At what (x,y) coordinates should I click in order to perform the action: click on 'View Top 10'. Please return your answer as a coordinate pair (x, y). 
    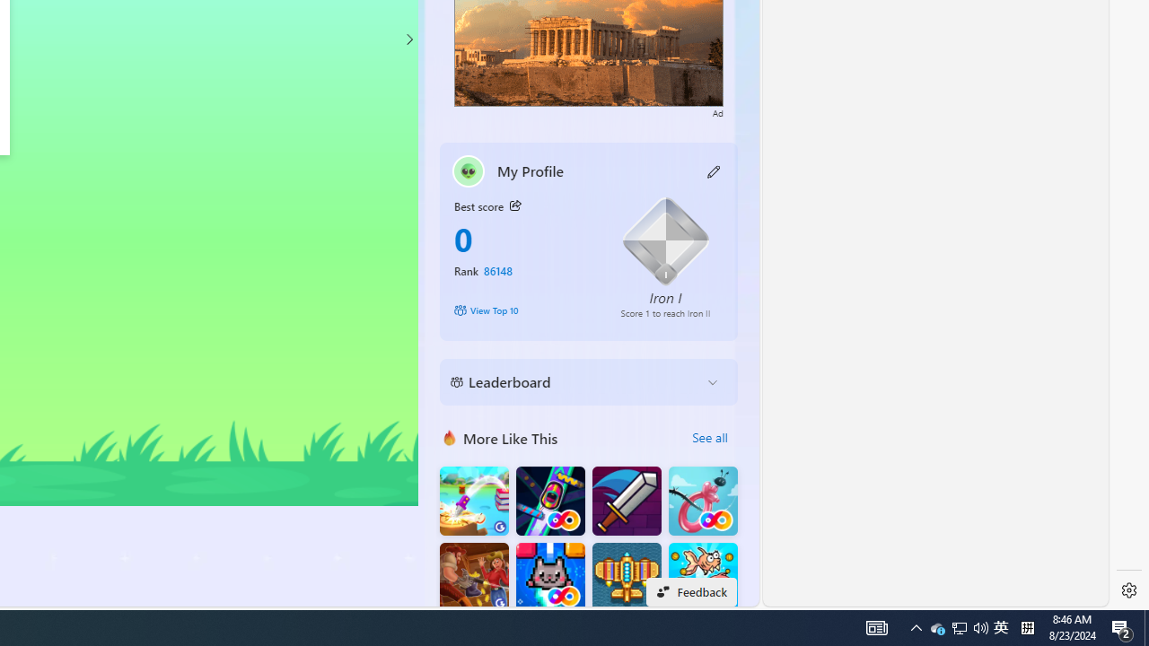
    Looking at the image, I should click on (523, 309).